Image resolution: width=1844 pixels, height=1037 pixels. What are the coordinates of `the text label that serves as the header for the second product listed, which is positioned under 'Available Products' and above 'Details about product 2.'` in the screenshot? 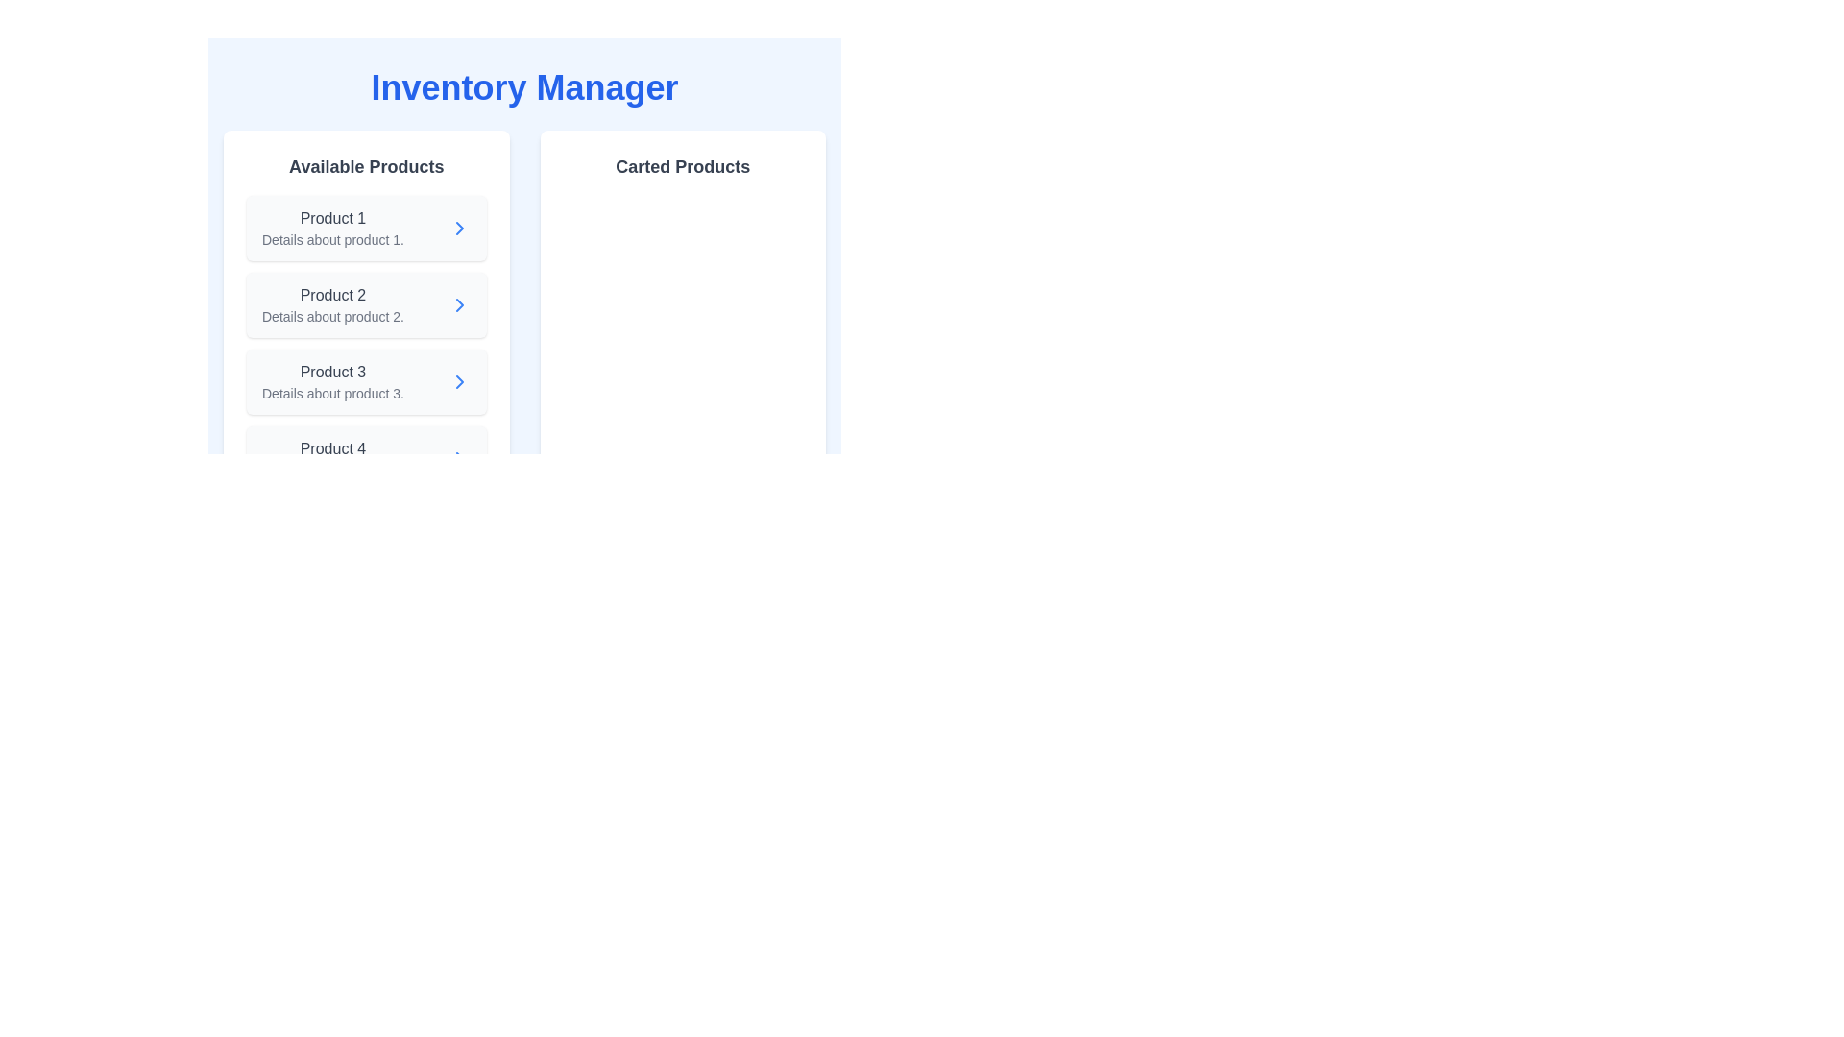 It's located at (332, 296).